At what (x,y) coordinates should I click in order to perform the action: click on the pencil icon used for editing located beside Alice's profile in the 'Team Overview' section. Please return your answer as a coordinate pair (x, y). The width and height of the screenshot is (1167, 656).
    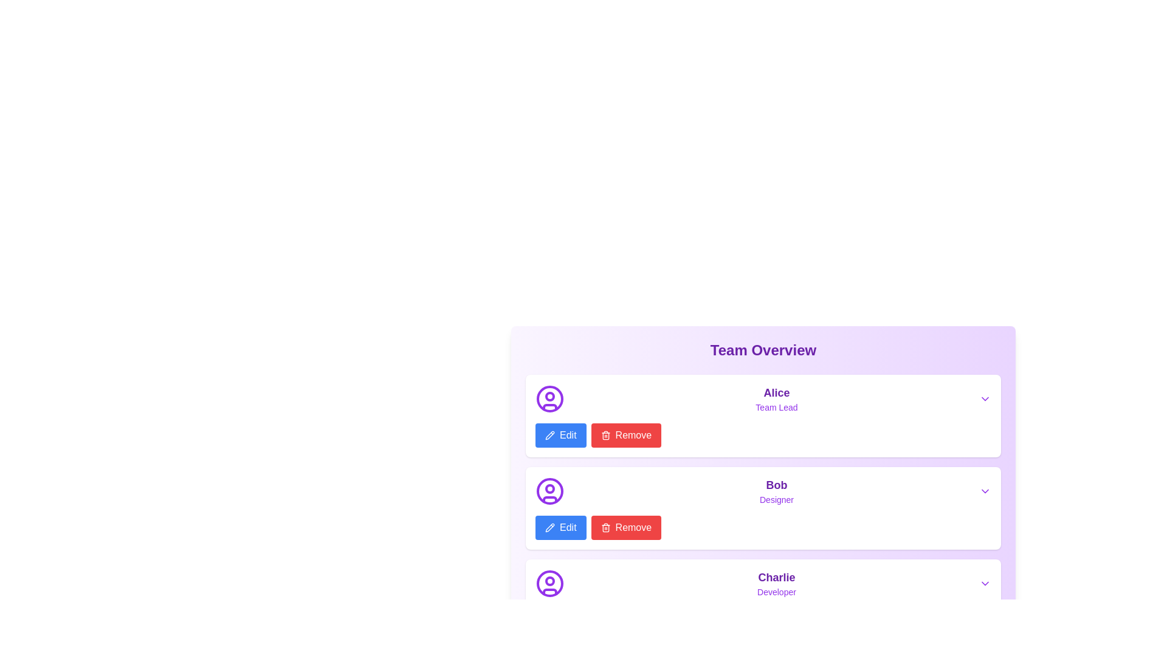
    Looking at the image, I should click on (548, 434).